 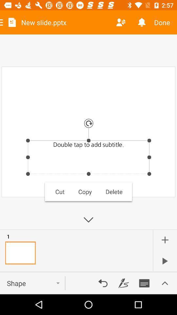 I want to click on the add icon, so click(x=165, y=240).